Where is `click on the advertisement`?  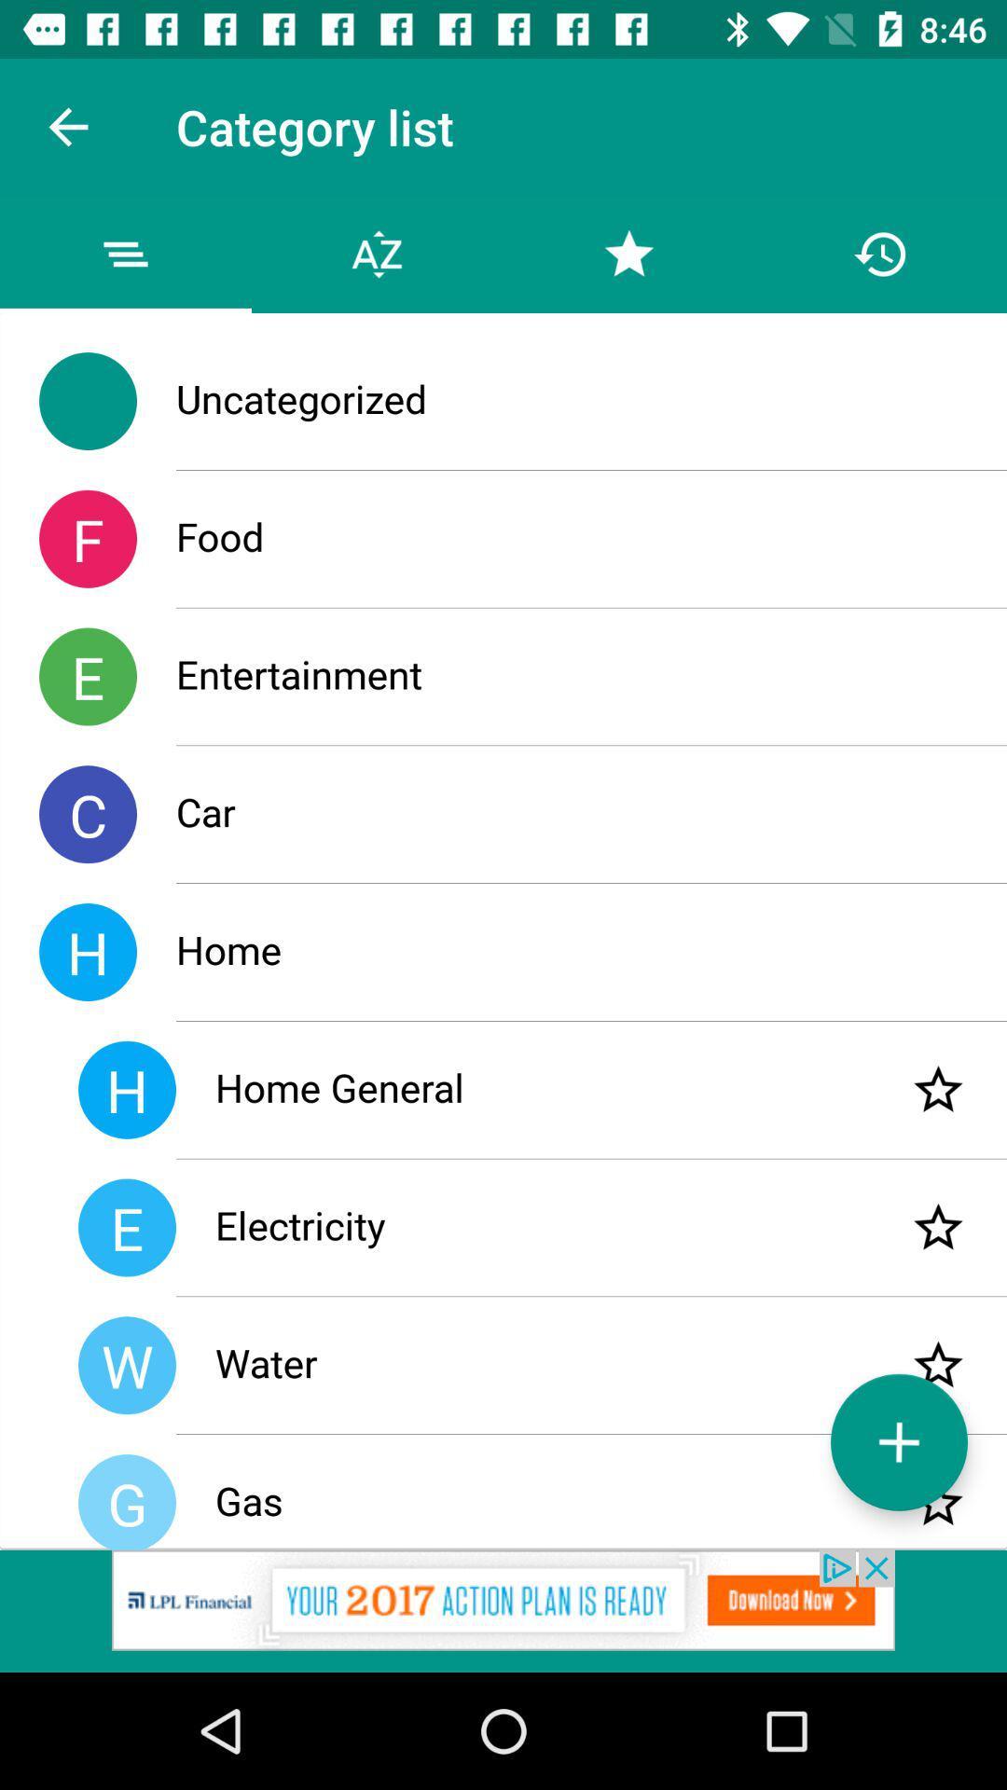
click on the advertisement is located at coordinates (504, 1610).